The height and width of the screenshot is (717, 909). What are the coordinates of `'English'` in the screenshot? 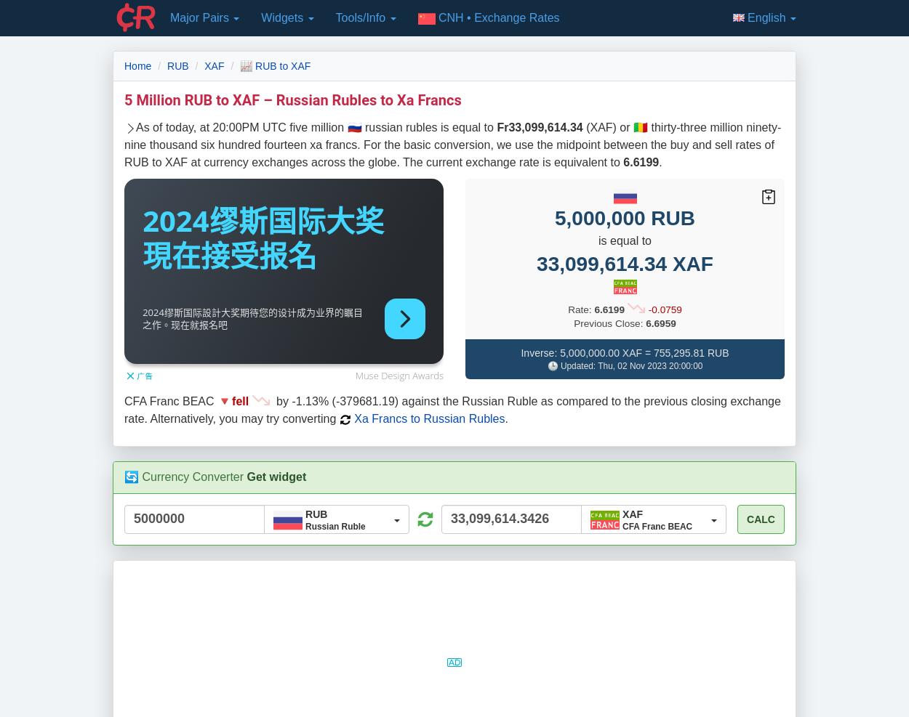 It's located at (768, 17).